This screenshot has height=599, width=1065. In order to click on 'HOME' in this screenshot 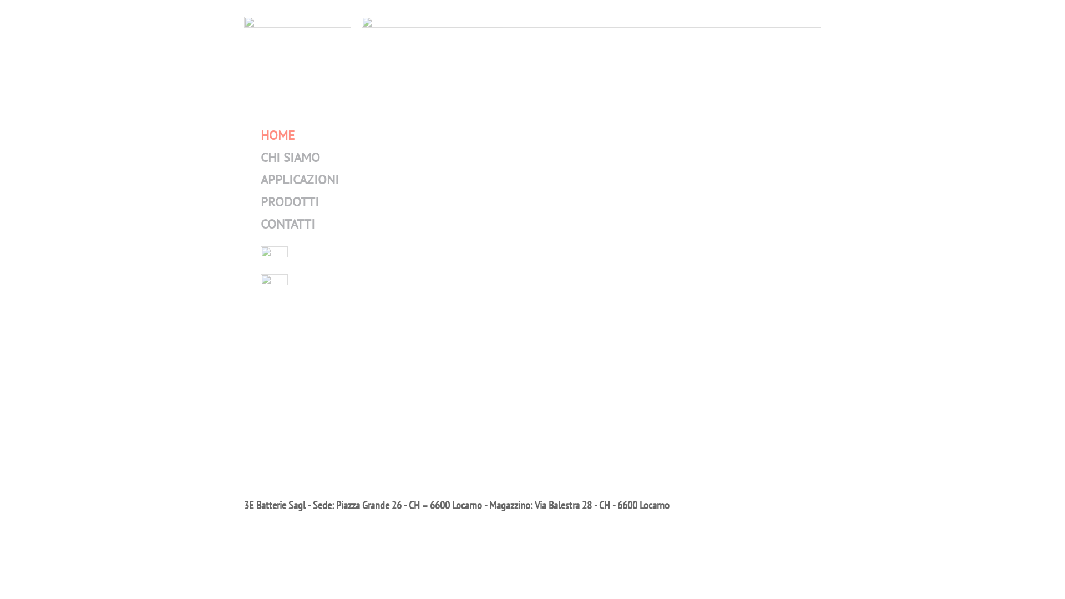, I will do `click(277, 134)`.